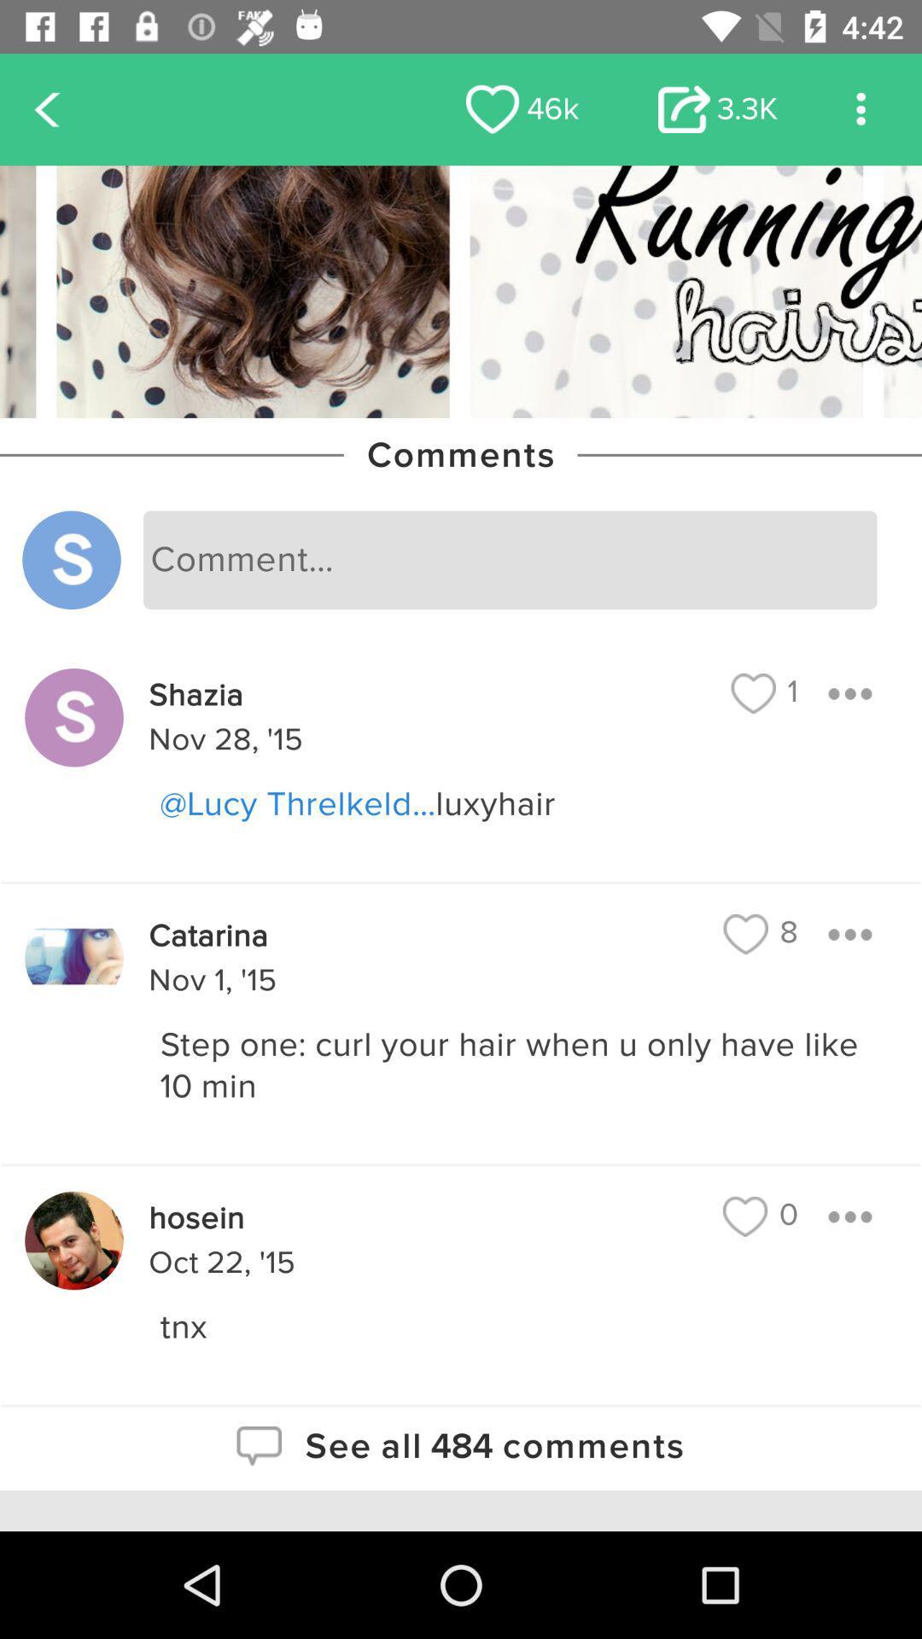 This screenshot has height=1639, width=922. What do you see at coordinates (760, 933) in the screenshot?
I see `the 8` at bounding box center [760, 933].